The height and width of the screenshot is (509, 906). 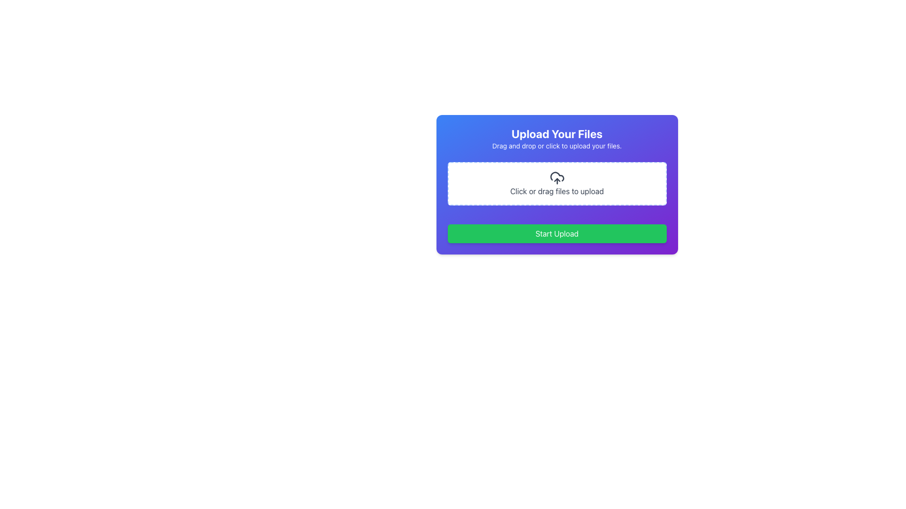 I want to click on the text label displaying 'Upload Your Files' which is in a large, bold font with a white color and a gradient background from blue to purple, so click(x=557, y=134).